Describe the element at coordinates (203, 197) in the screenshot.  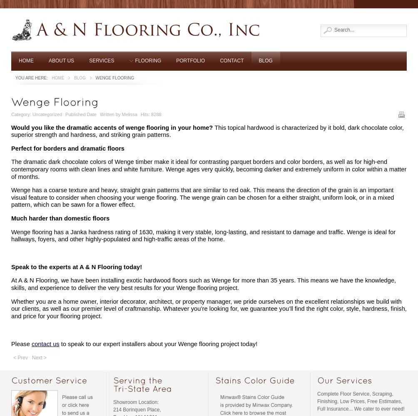
I see `'Wenge has a coarse texture and heavy, straight grain patterns that are similar to red oak. This means the direction of the grain is an important visual feature to consider when choosing your wenge flooring. The wenge grain can be chosen for a either straight, uniform look, or in a mixed pattern, which can be sawn for a flower effect.'` at that location.